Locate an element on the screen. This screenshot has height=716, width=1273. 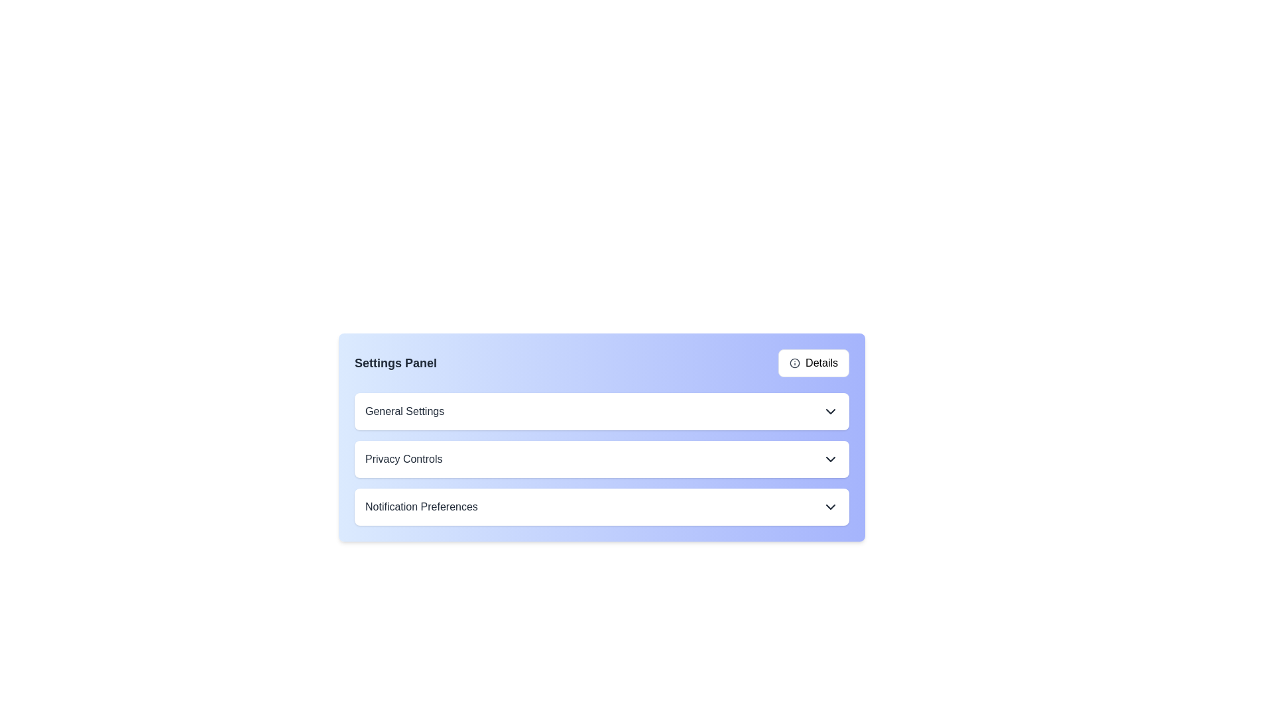
the surrounding icon that encompasses the circular element located in the top-right corner of the settings panel interface, adjacent to the label 'Details' is located at coordinates (795, 363).